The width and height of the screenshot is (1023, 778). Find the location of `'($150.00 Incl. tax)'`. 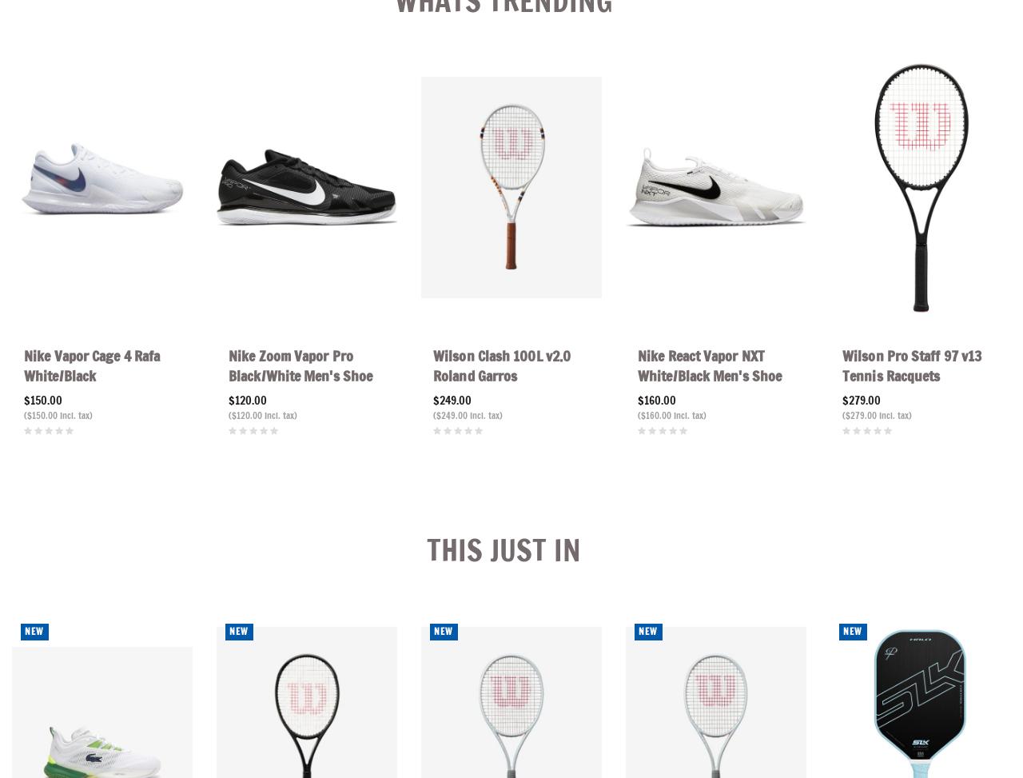

'($150.00 Incl. tax)' is located at coordinates (58, 414).